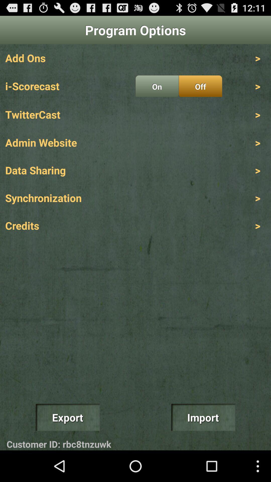 The image size is (271, 482). Describe the element at coordinates (203, 417) in the screenshot. I see `import icon` at that location.